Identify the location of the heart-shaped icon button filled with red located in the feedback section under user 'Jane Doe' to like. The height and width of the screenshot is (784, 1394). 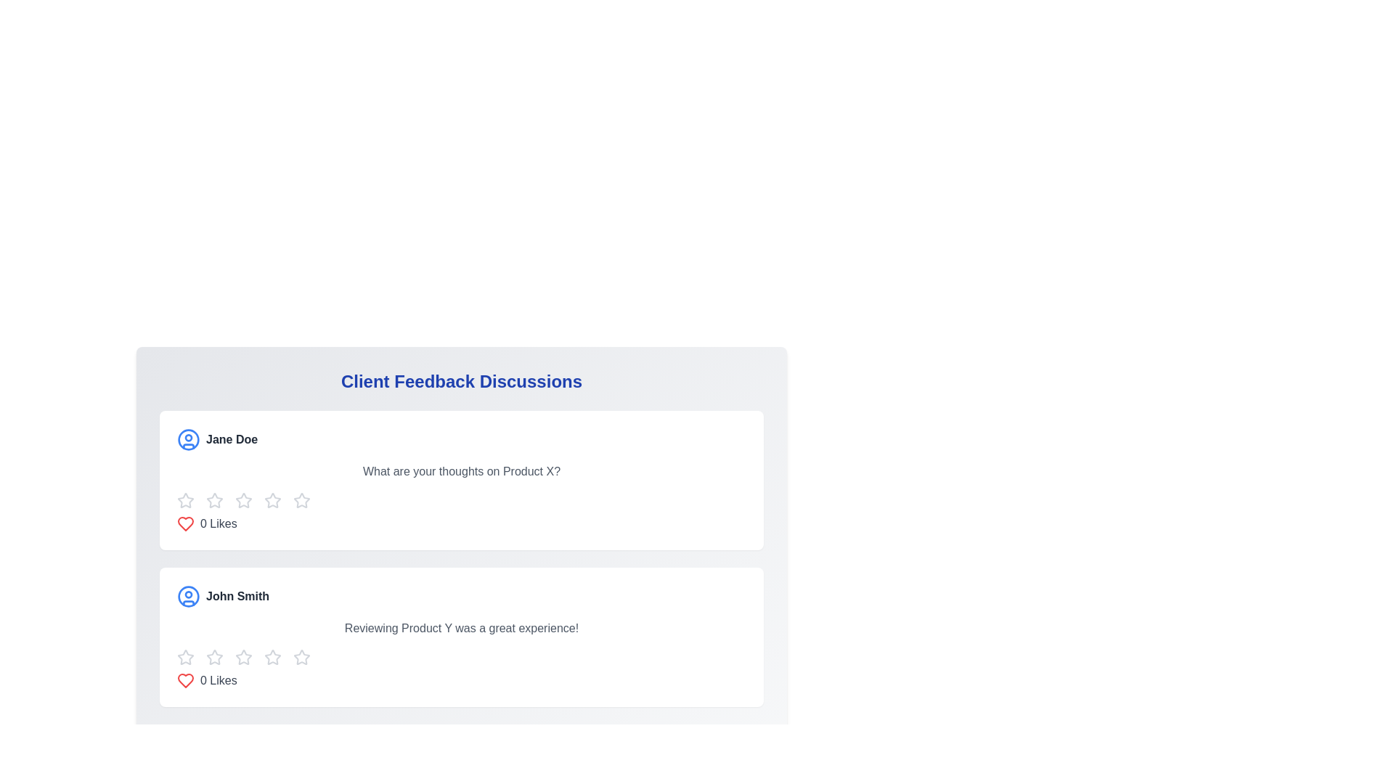
(184, 523).